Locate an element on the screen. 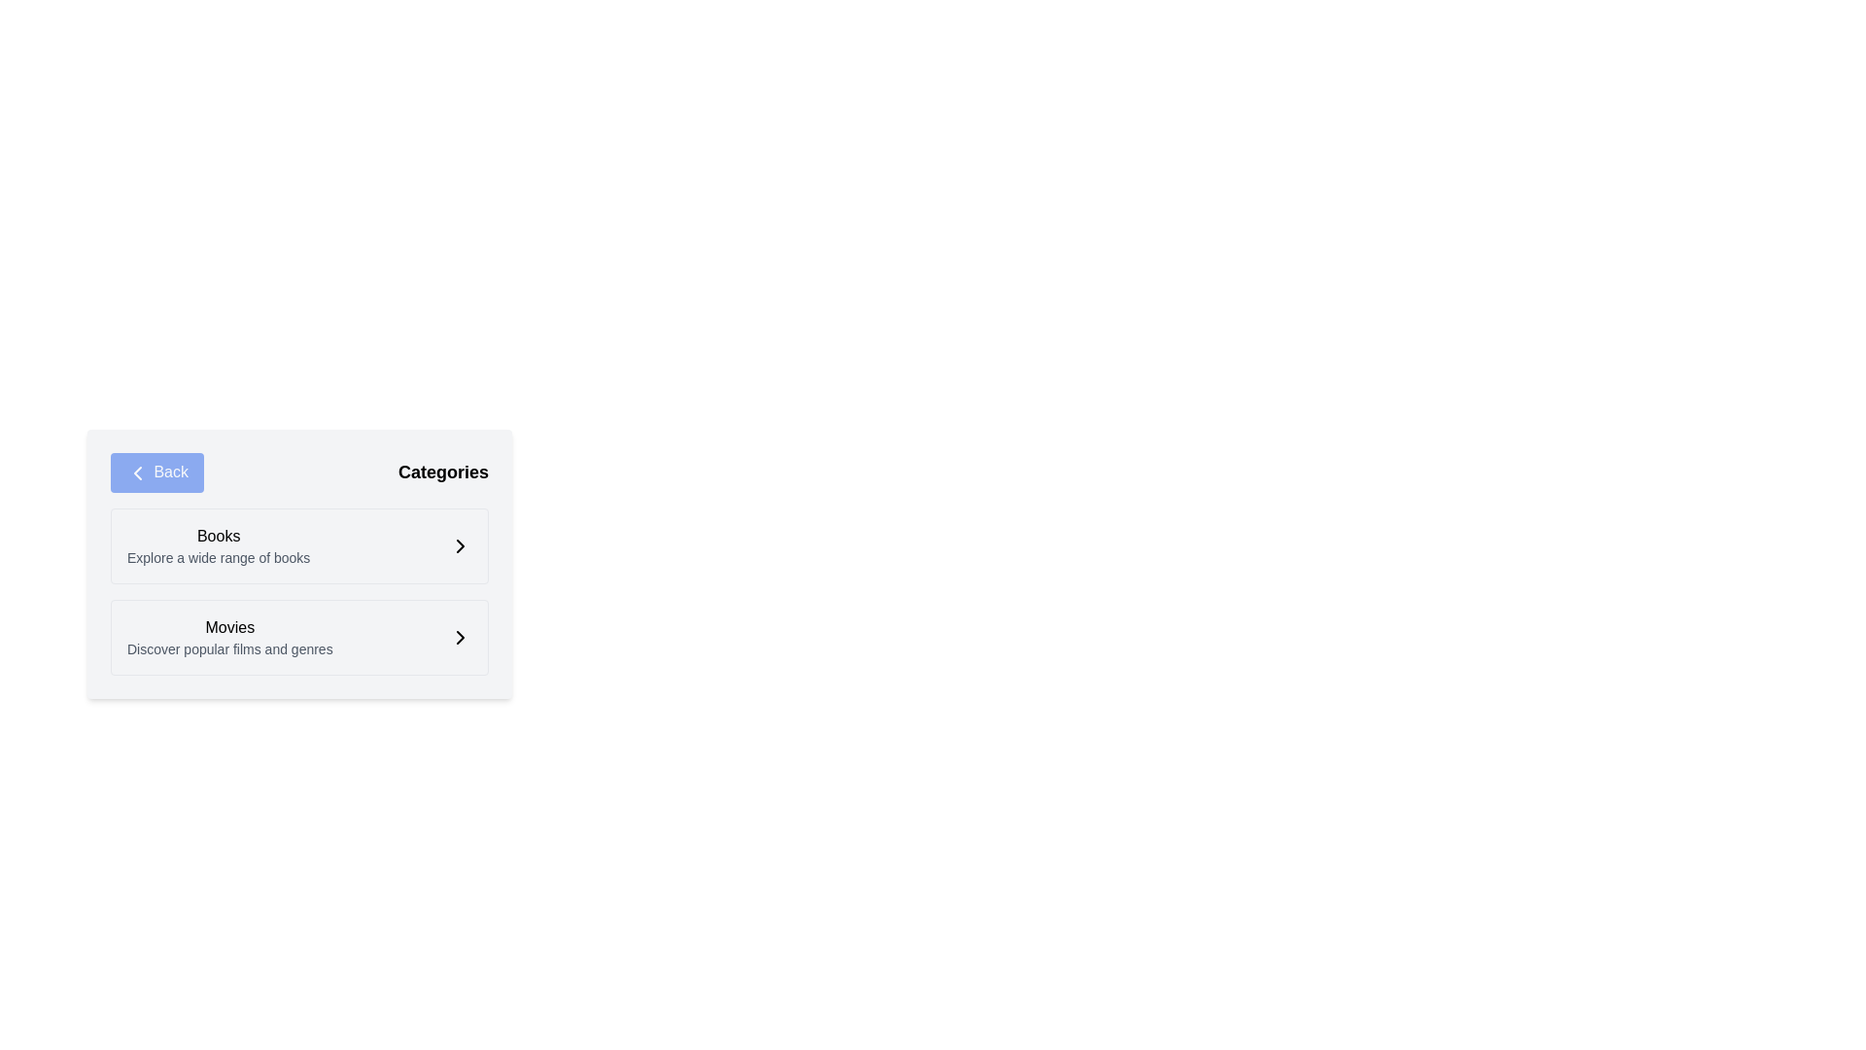 Image resolution: width=1866 pixels, height=1050 pixels. the 'Books' button, which is a rectangular button with a title and subtitle is located at coordinates (298, 588).